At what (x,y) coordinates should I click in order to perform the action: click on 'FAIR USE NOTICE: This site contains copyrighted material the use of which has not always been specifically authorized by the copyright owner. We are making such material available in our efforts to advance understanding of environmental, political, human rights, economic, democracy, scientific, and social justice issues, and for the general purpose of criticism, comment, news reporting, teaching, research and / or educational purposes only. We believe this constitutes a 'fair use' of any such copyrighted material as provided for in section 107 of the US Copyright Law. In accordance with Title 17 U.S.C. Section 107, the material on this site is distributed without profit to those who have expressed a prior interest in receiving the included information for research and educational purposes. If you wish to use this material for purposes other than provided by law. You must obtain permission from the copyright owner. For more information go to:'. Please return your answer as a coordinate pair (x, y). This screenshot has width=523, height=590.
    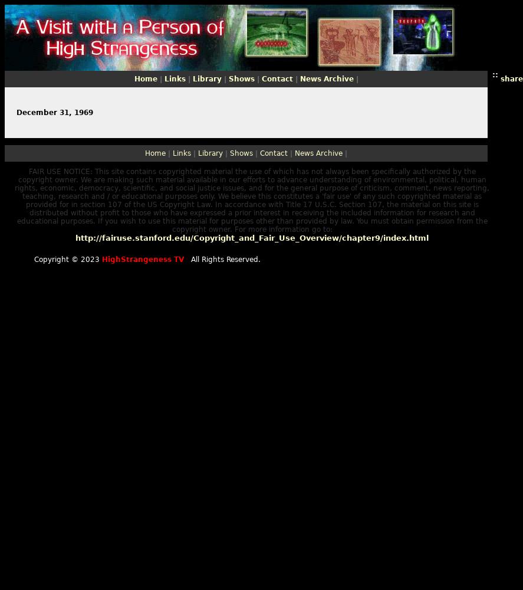
    Looking at the image, I should click on (252, 200).